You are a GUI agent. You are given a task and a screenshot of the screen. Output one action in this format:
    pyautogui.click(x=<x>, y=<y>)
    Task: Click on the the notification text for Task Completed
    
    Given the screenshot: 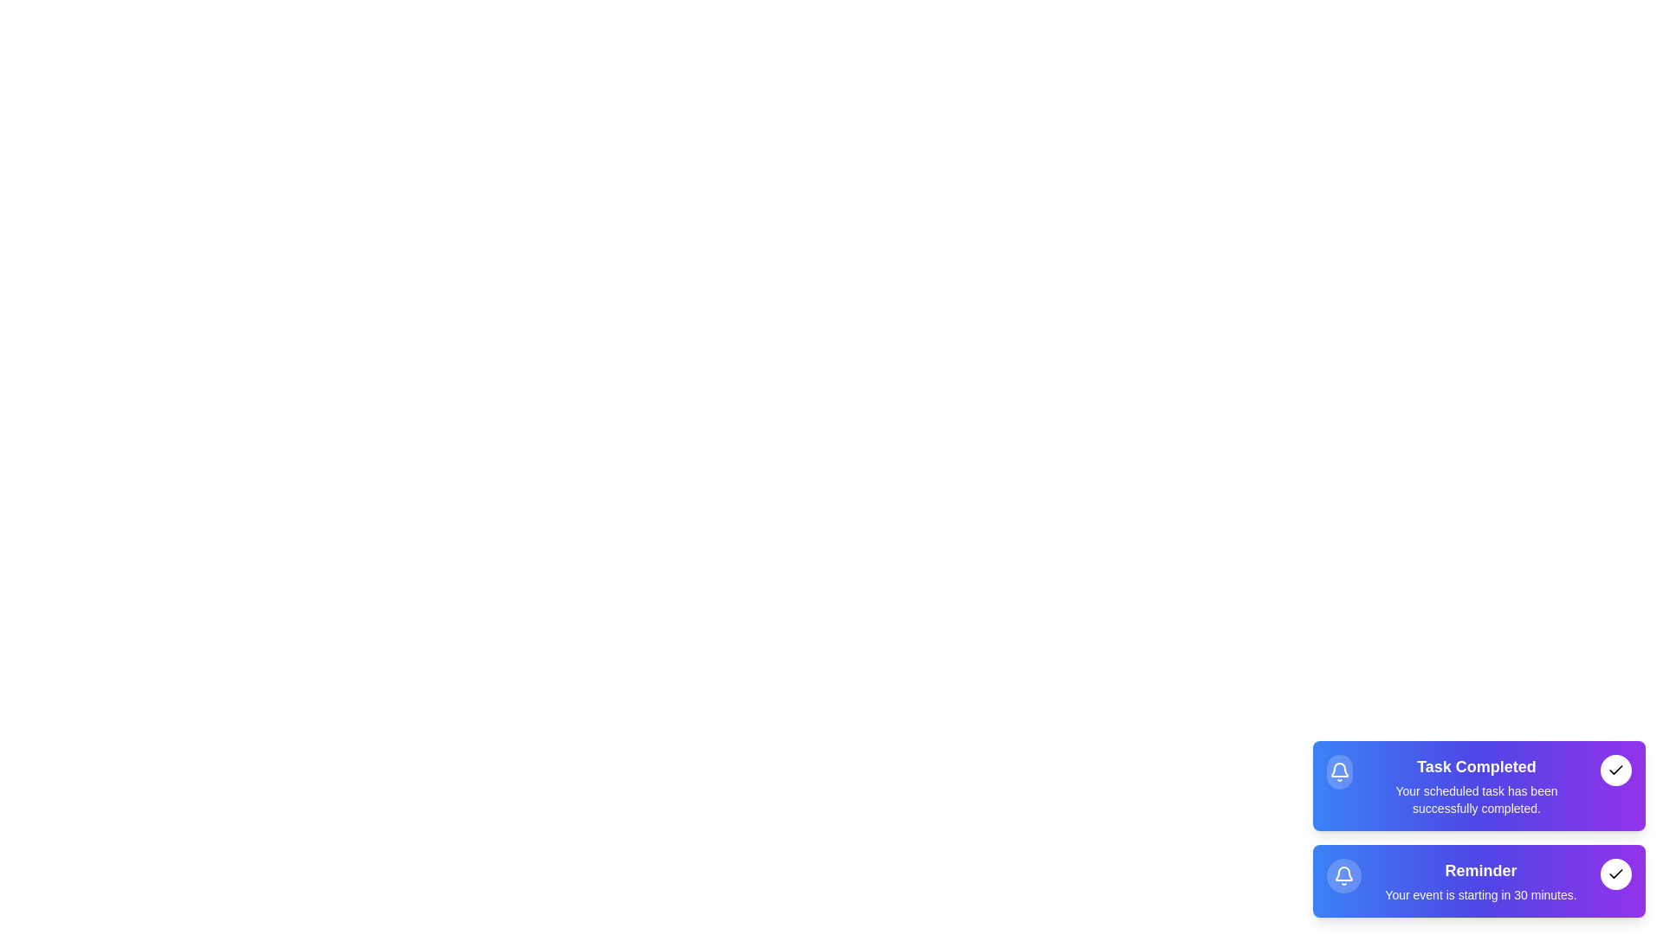 What is the action you would take?
    pyautogui.click(x=1475, y=785)
    